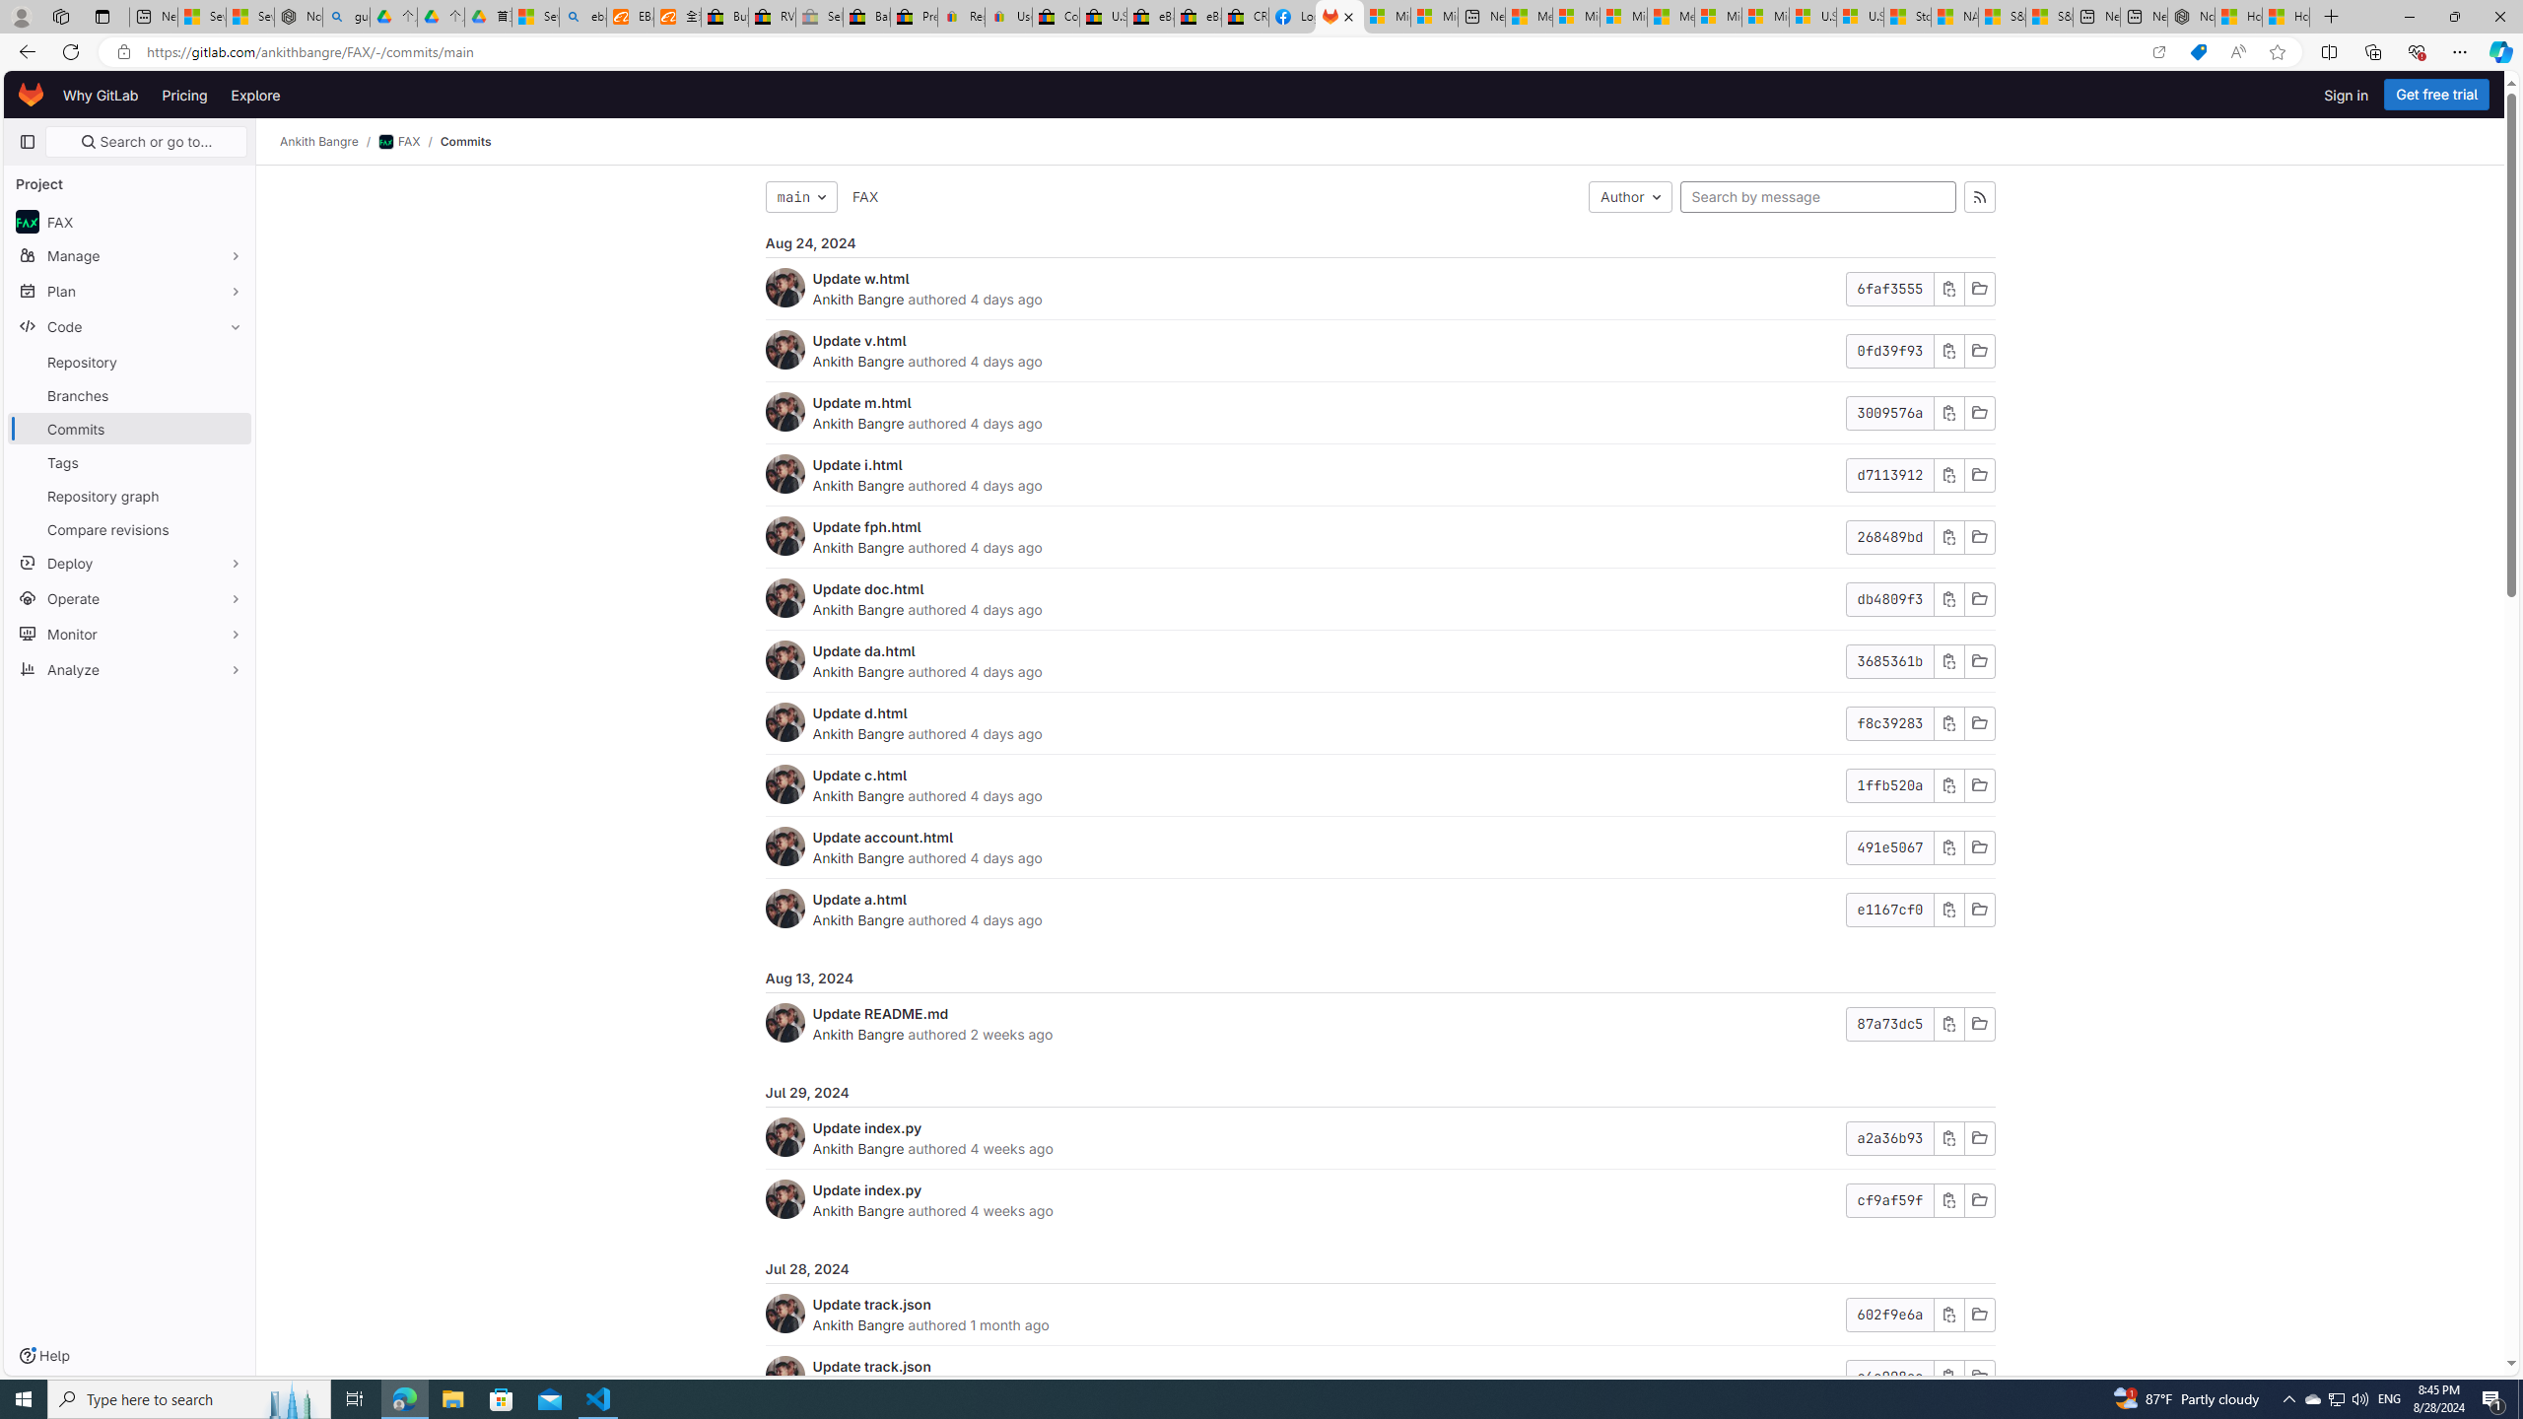  Describe the element at coordinates (128, 596) in the screenshot. I see `'Operate'` at that location.